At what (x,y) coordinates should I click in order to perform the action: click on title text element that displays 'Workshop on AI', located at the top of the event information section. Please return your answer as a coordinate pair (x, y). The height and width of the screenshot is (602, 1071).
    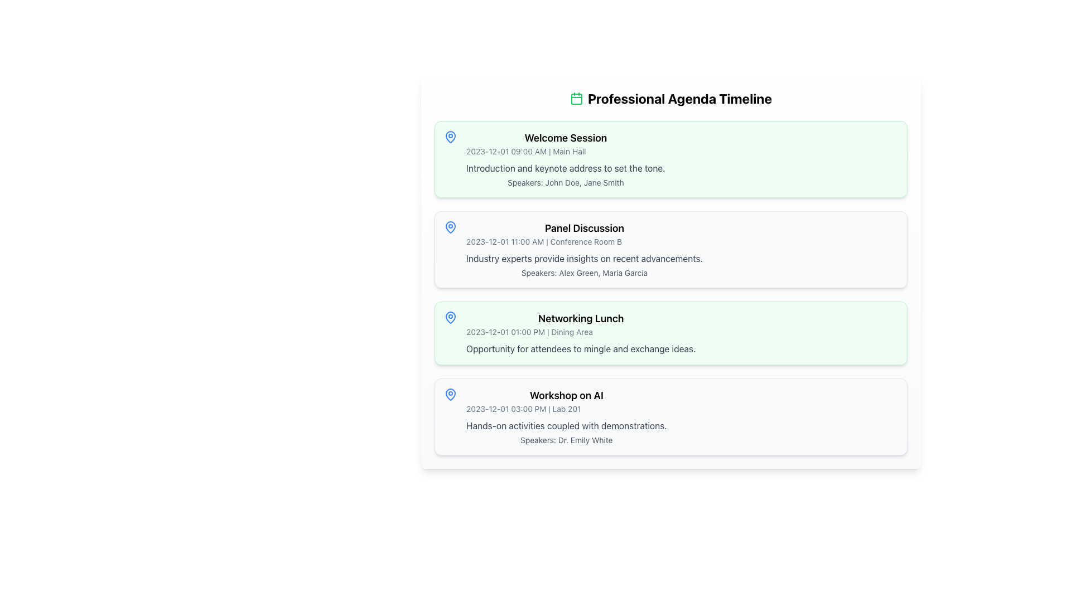
    Looking at the image, I should click on (566, 395).